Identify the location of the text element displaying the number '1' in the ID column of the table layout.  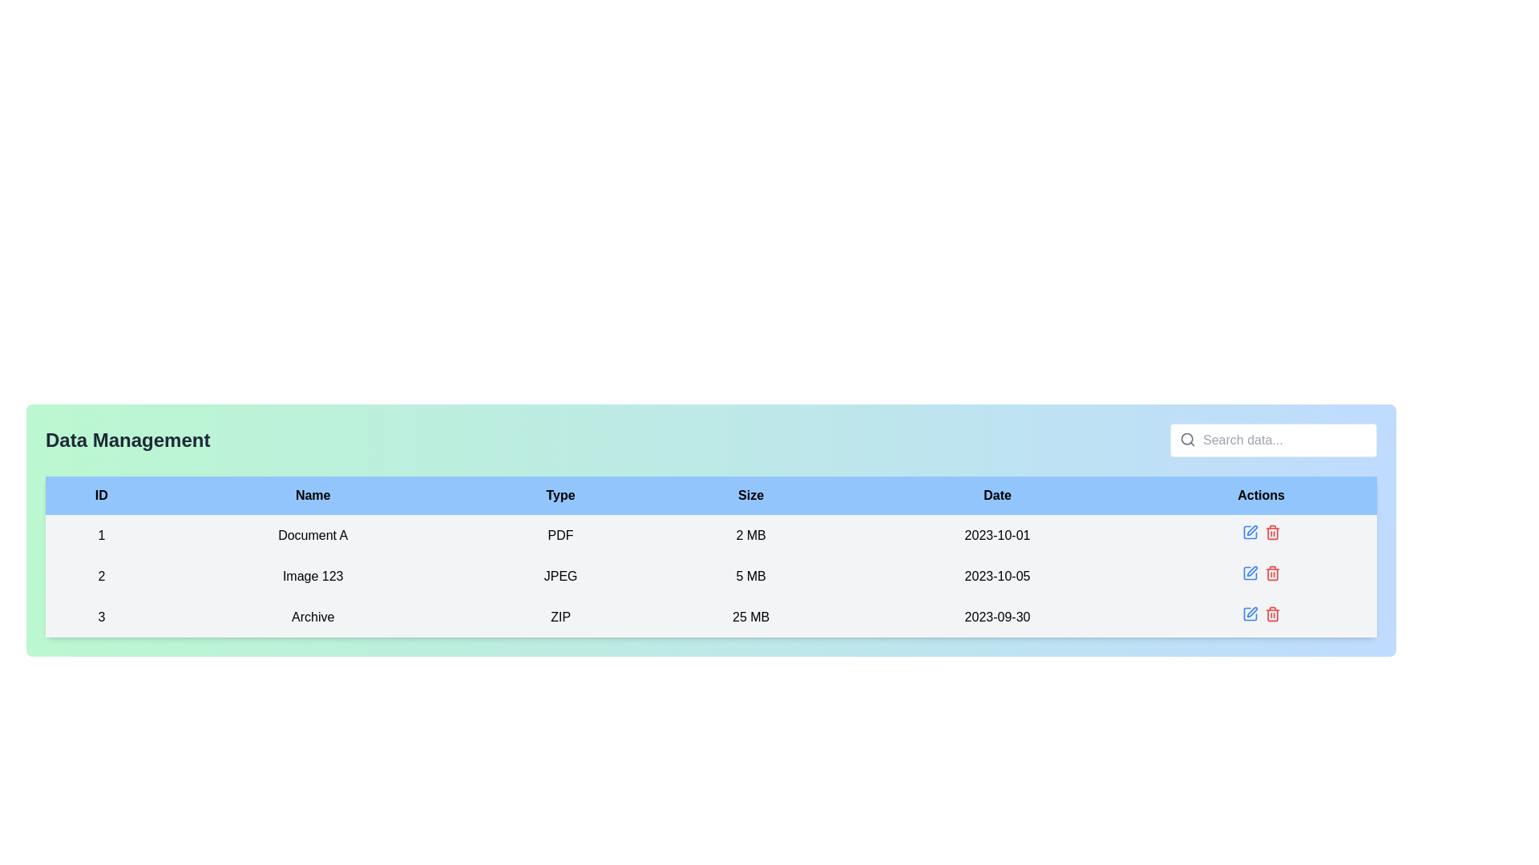
(100, 535).